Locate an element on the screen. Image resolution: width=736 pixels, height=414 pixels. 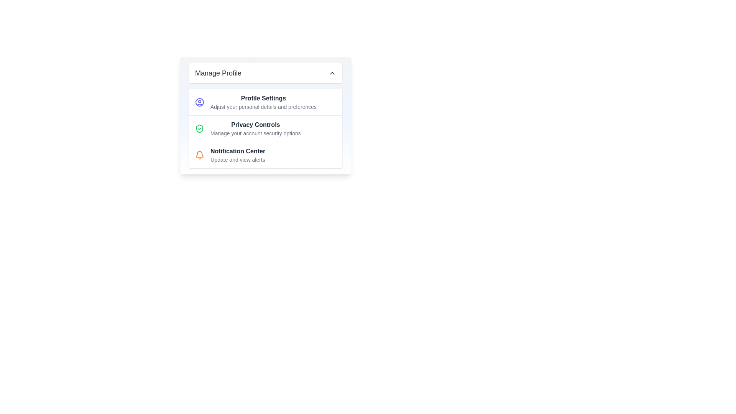
the text element that displays the message 'Adjust your personal details and preferences' located beneath the 'Profile Settings' label within the 'Manage Profile' group is located at coordinates (263, 107).